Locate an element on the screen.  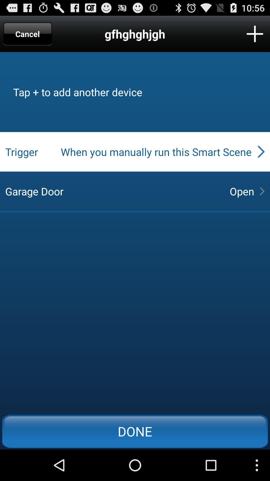
item to the right of garage door is located at coordinates (241, 191).